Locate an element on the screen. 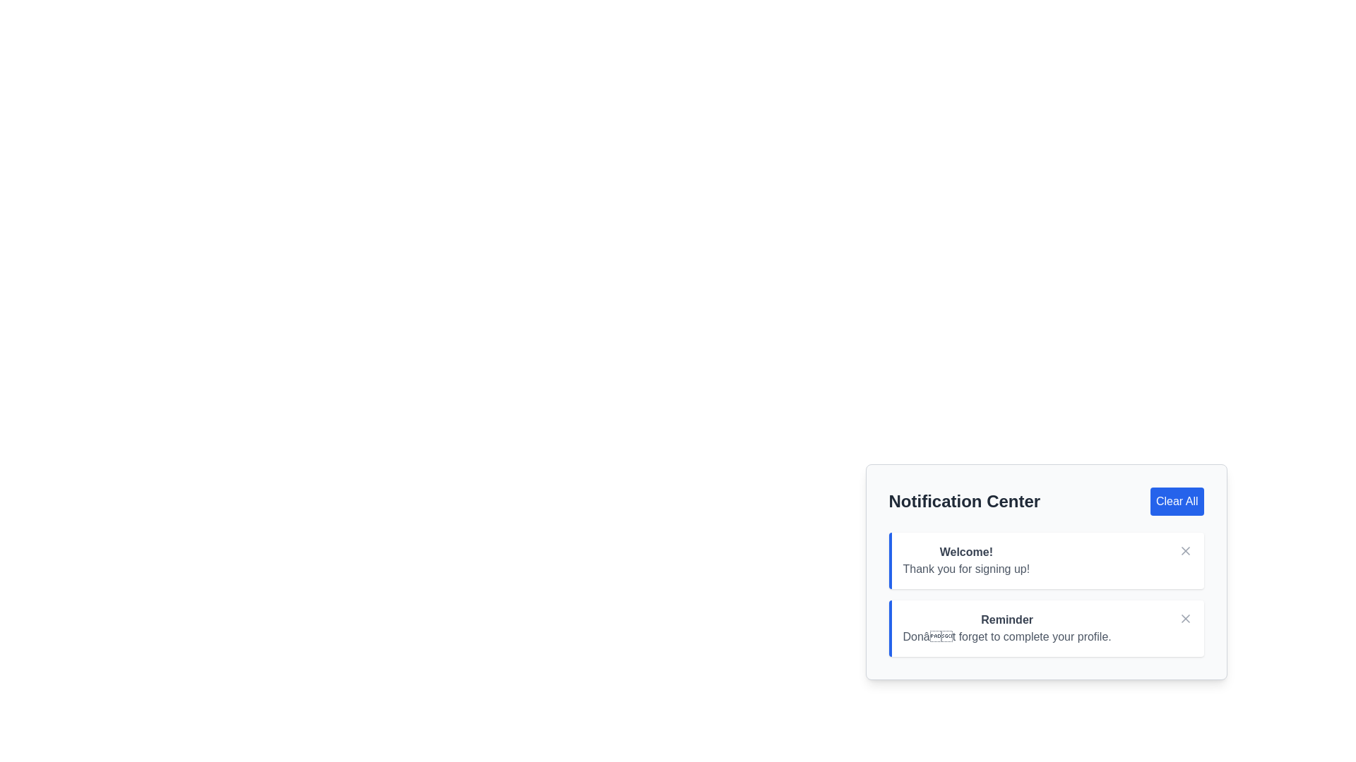 The width and height of the screenshot is (1356, 762). the Notification card that reminds the user to complete their profile, located in the bottom section of the notification list in the Notification Center is located at coordinates (1046, 628).